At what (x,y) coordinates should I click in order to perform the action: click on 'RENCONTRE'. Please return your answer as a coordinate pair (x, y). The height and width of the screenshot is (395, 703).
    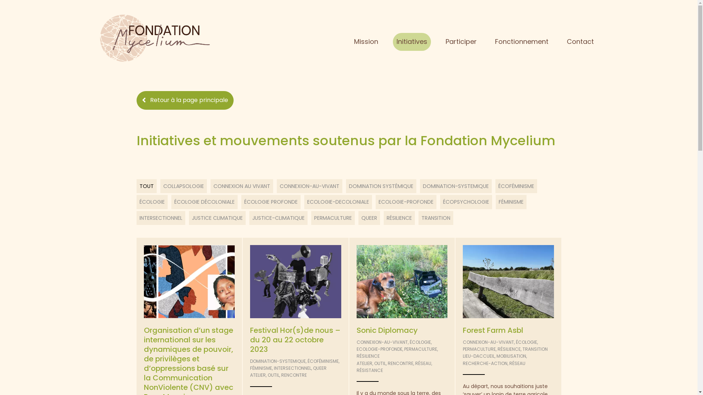
    Looking at the image, I should click on (294, 375).